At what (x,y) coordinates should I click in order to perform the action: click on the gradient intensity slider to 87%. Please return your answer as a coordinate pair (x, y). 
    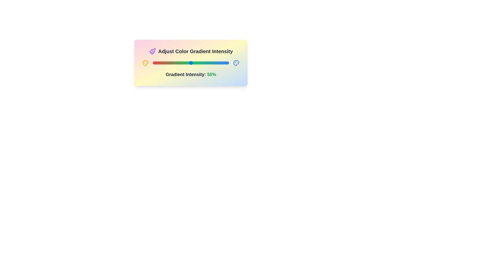
    Looking at the image, I should click on (219, 63).